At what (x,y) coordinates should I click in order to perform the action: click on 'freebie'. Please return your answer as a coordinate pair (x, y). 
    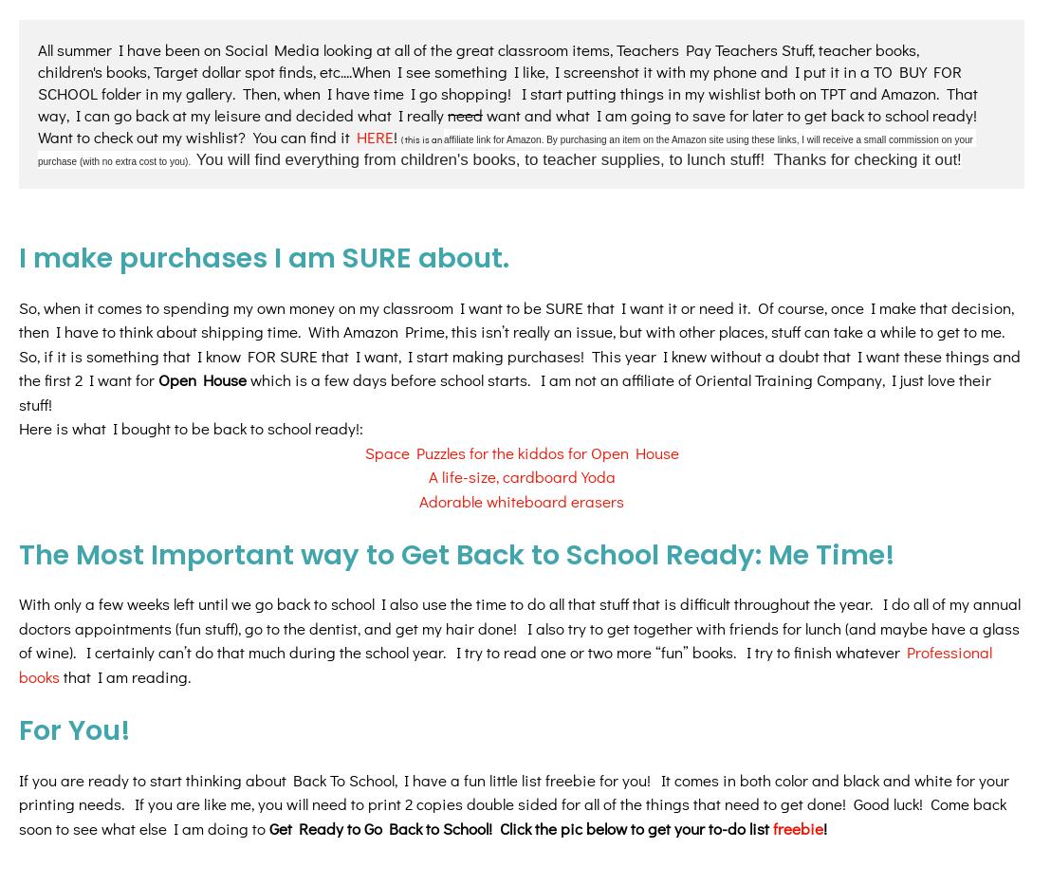
    Looking at the image, I should click on (798, 666).